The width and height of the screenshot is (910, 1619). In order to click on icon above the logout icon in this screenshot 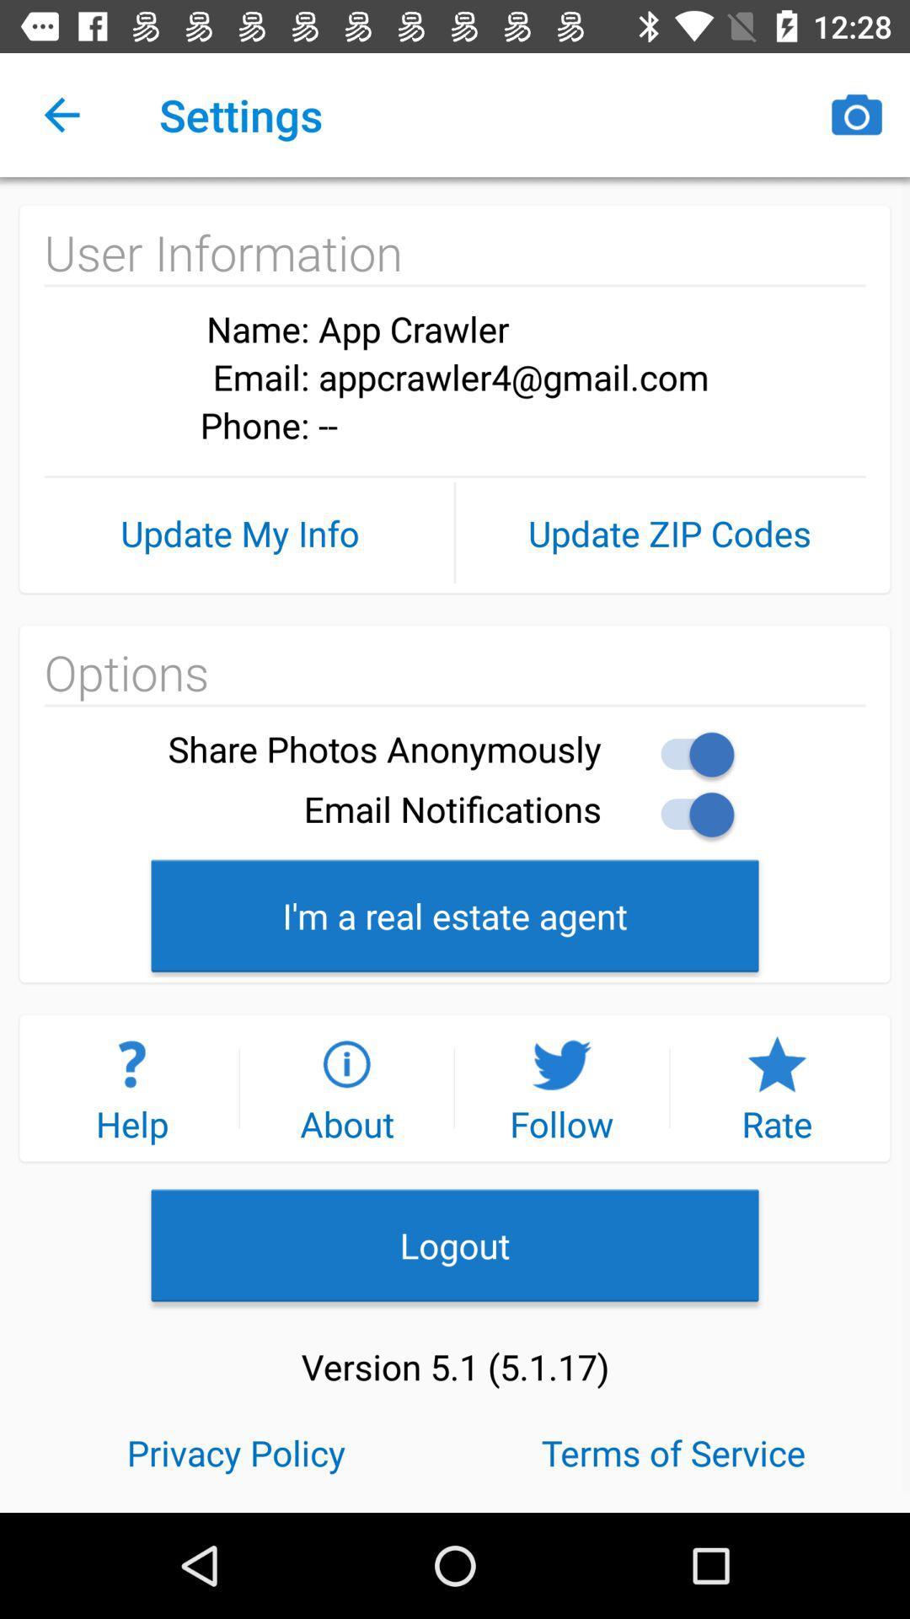, I will do `click(777, 1088)`.